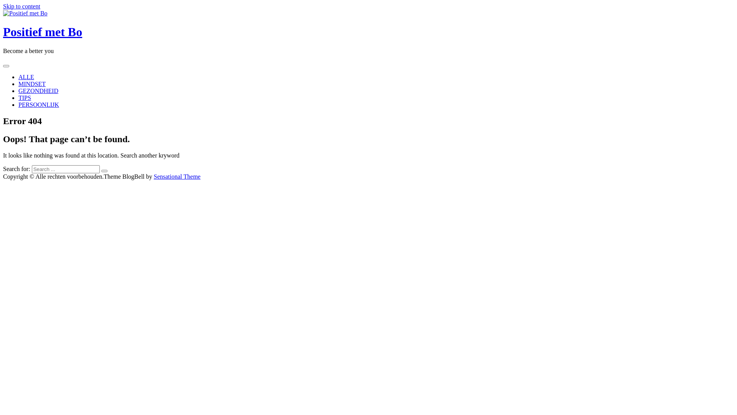 Image resolution: width=737 pixels, height=415 pixels. What do you see at coordinates (104, 170) in the screenshot?
I see `'Search'` at bounding box center [104, 170].